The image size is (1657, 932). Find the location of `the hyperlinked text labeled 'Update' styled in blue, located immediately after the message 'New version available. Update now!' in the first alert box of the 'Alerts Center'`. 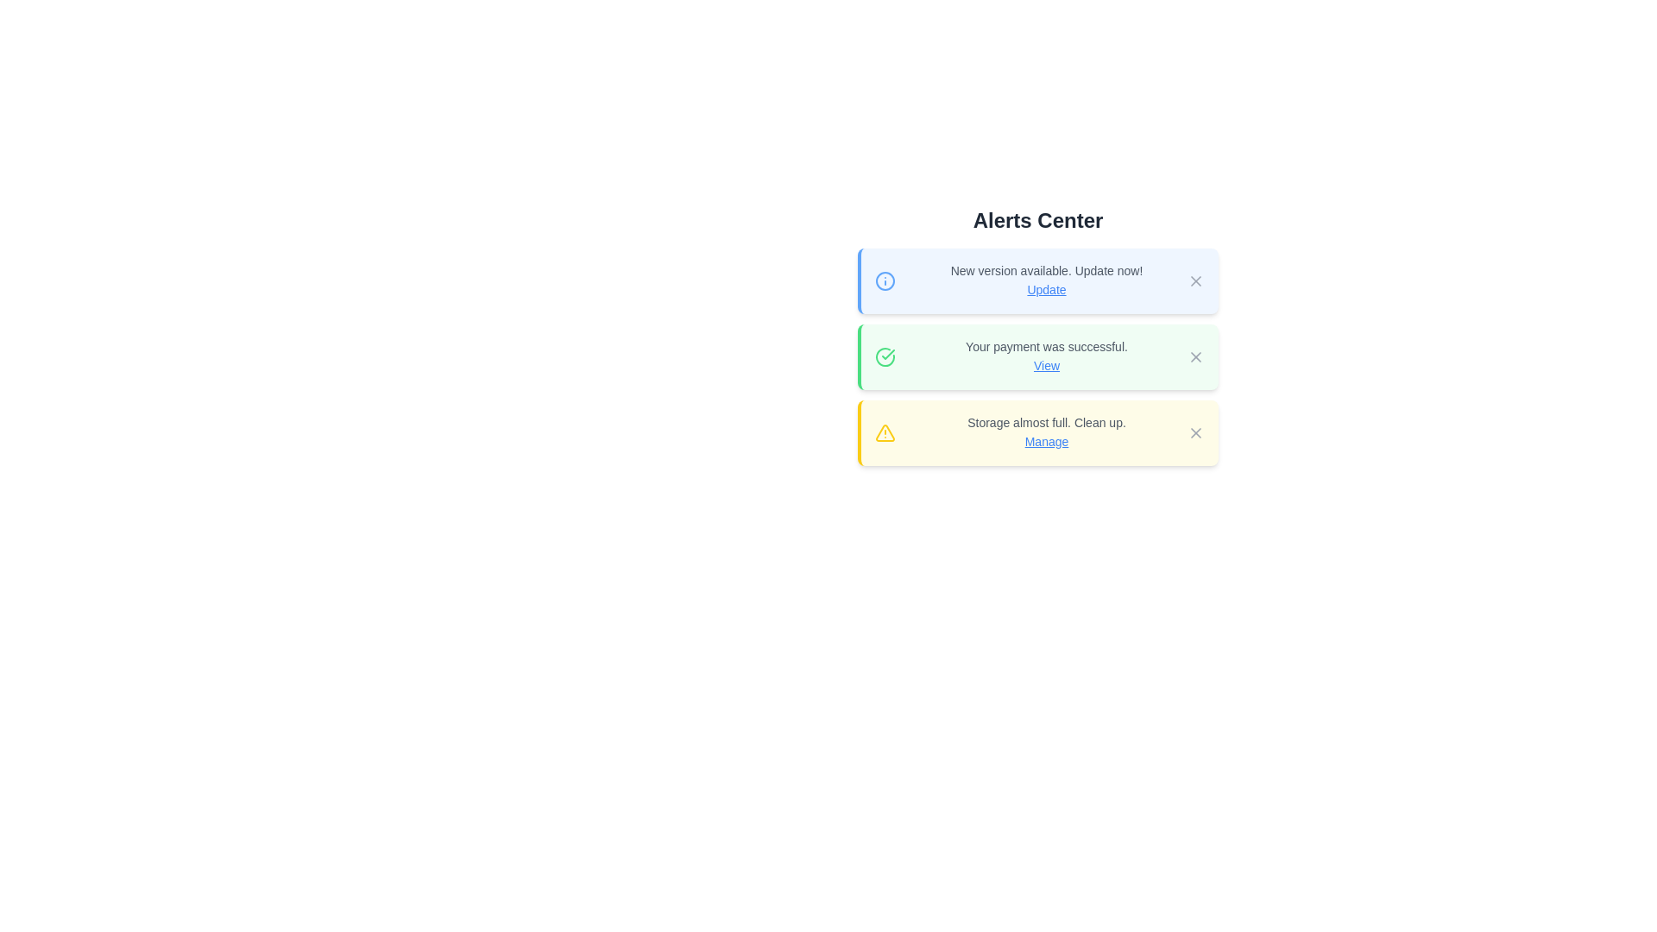

the hyperlinked text labeled 'Update' styled in blue, located immediately after the message 'New version available. Update now!' in the first alert box of the 'Alerts Center' is located at coordinates (1046, 288).